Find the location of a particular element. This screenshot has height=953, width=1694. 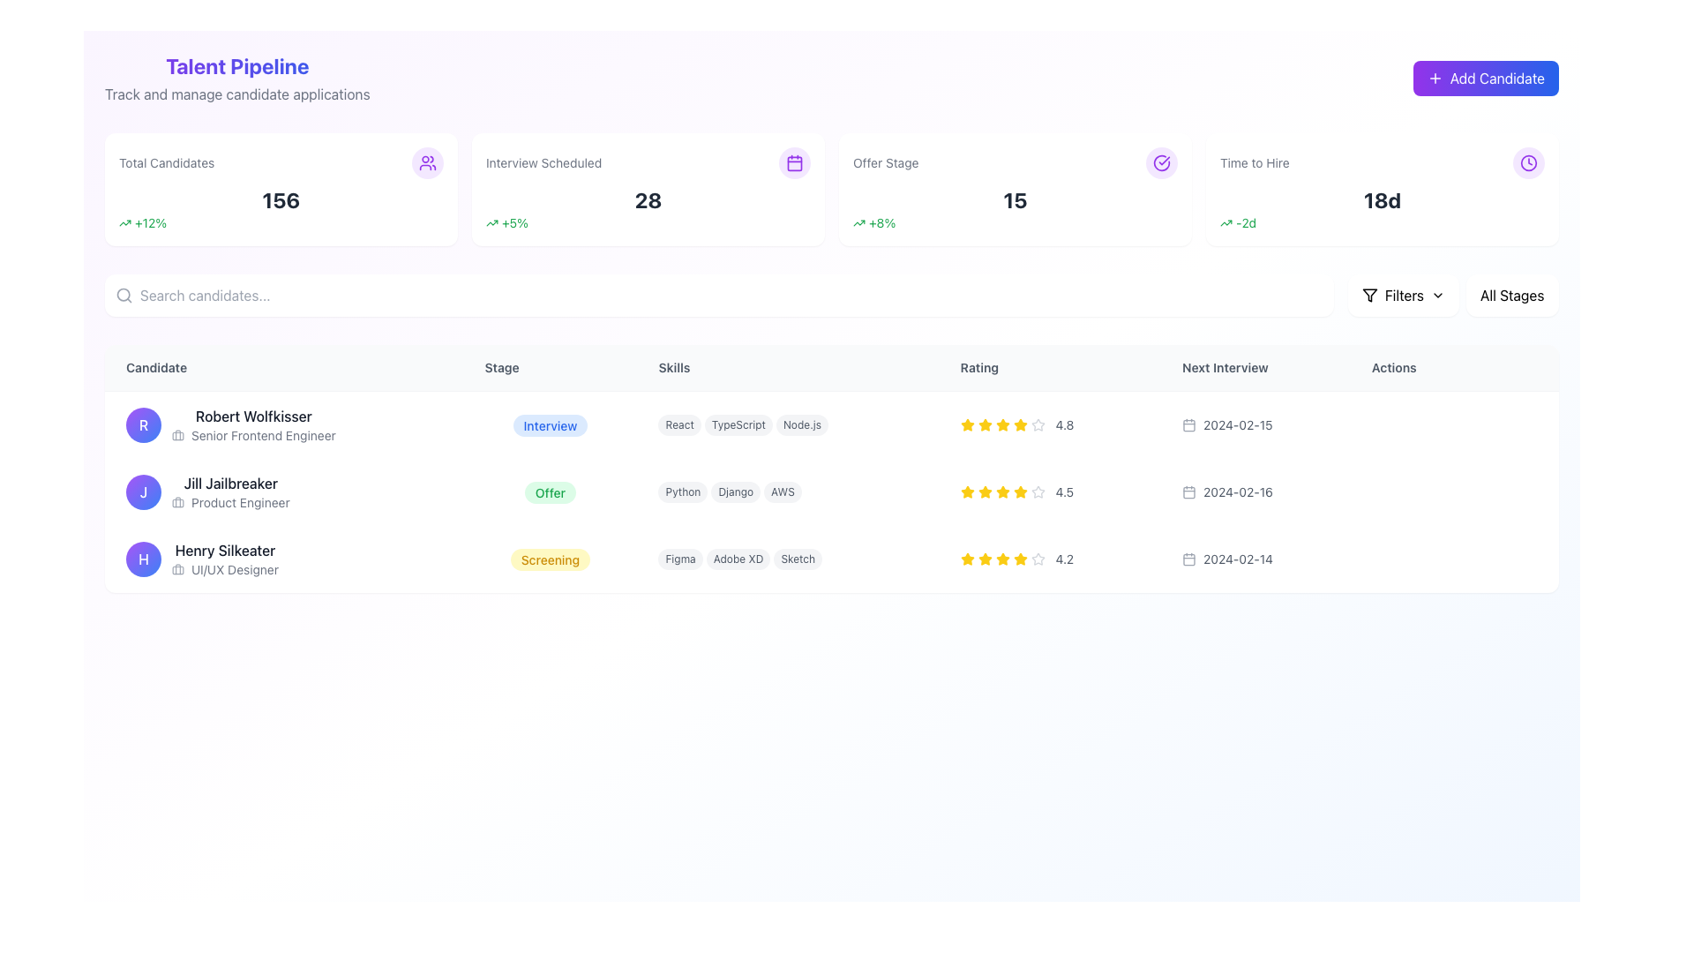

the date display element formatted as '2024-02-15' with the accompanying calendar icon, located in the 'Next Interview' column for 'Robert Wolfkisser', positioned to the right of the rating stars is located at coordinates (1255, 425).